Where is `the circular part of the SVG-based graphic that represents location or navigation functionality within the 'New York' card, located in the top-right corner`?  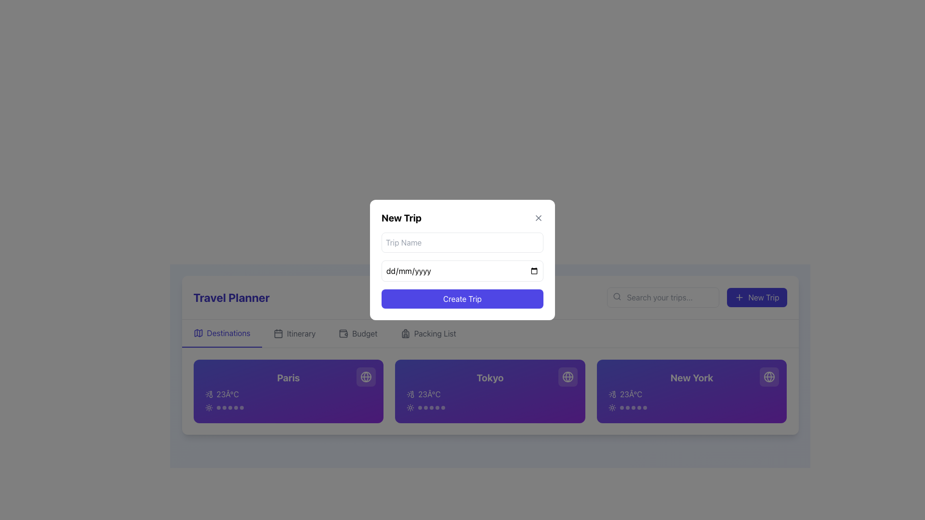 the circular part of the SVG-based graphic that represents location or navigation functionality within the 'New York' card, located in the top-right corner is located at coordinates (769, 377).